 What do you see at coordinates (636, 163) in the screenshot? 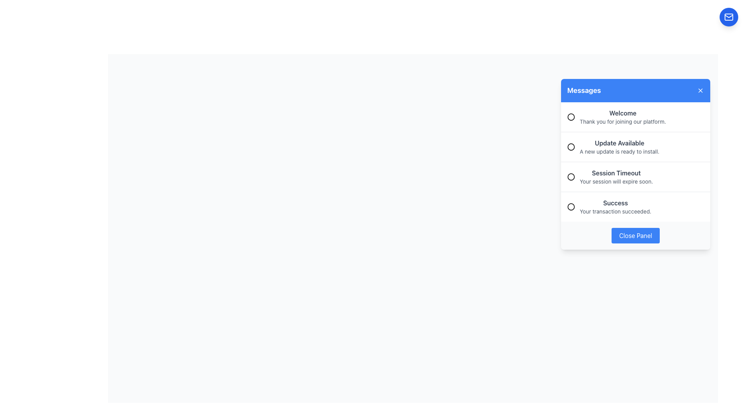
I see `message from the third notification in the Informational Section, which is positioned below 'Update Available' and above 'Success'` at bounding box center [636, 163].